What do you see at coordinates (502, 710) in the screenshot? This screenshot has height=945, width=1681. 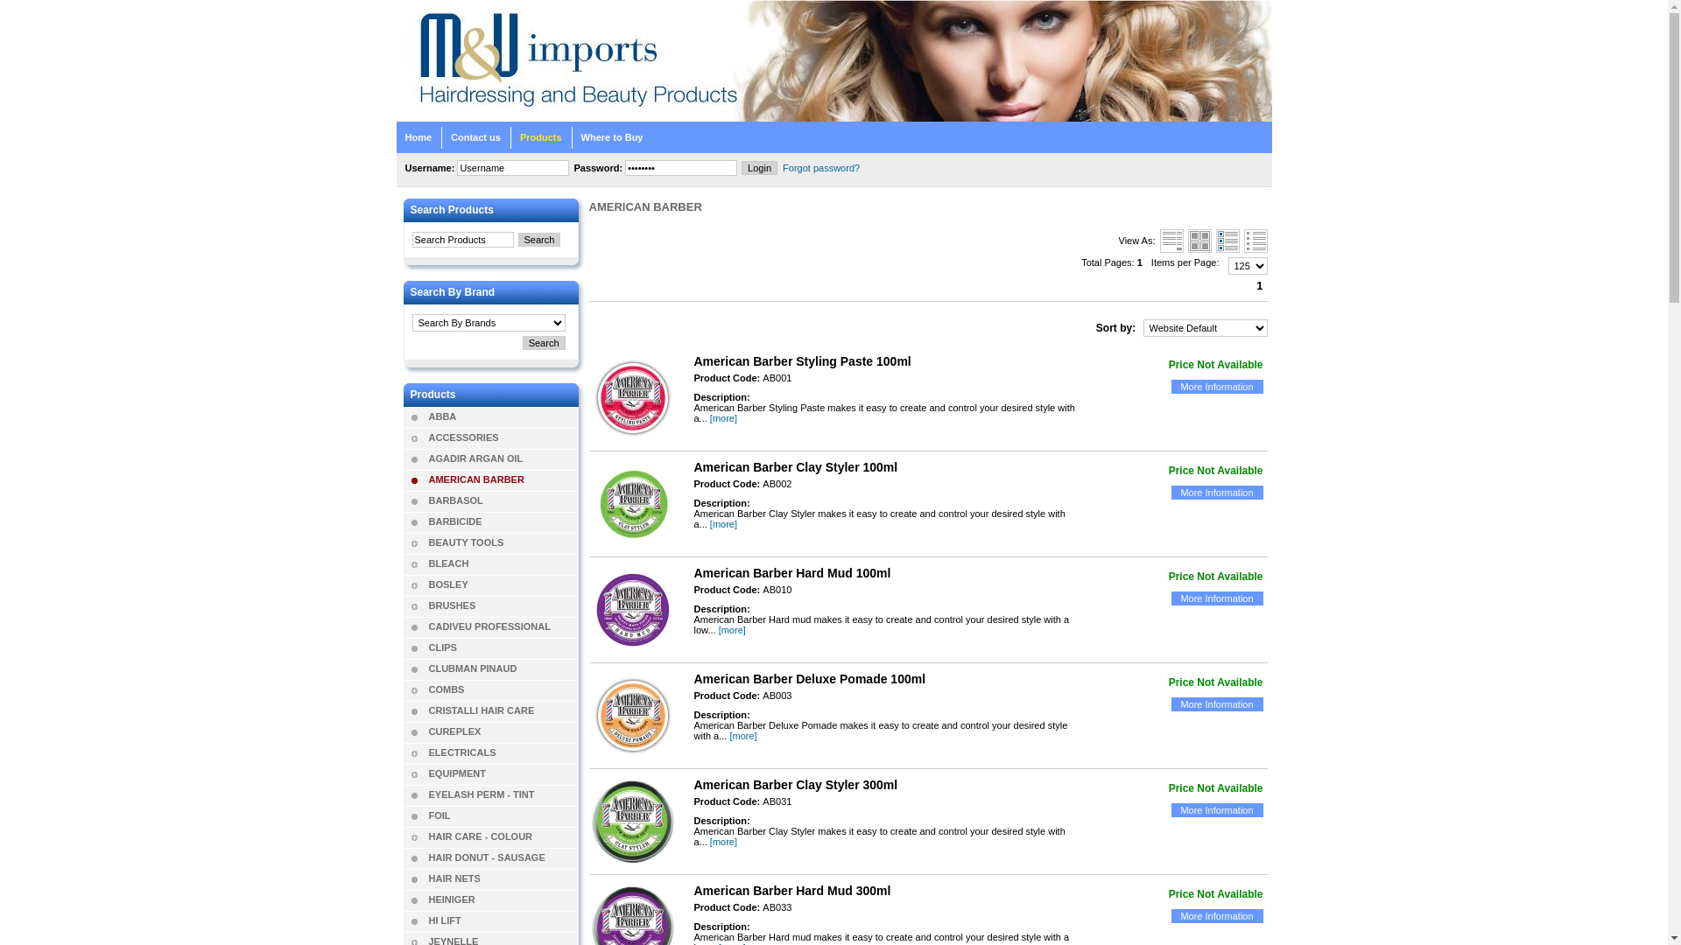 I see `'CRISTALLI HAIR CARE'` at bounding box center [502, 710].